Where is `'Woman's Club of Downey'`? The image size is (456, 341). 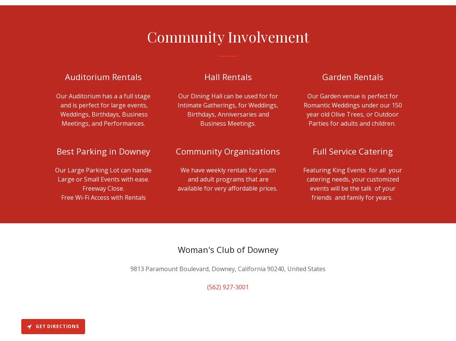 'Woman's Club of Downey' is located at coordinates (227, 249).